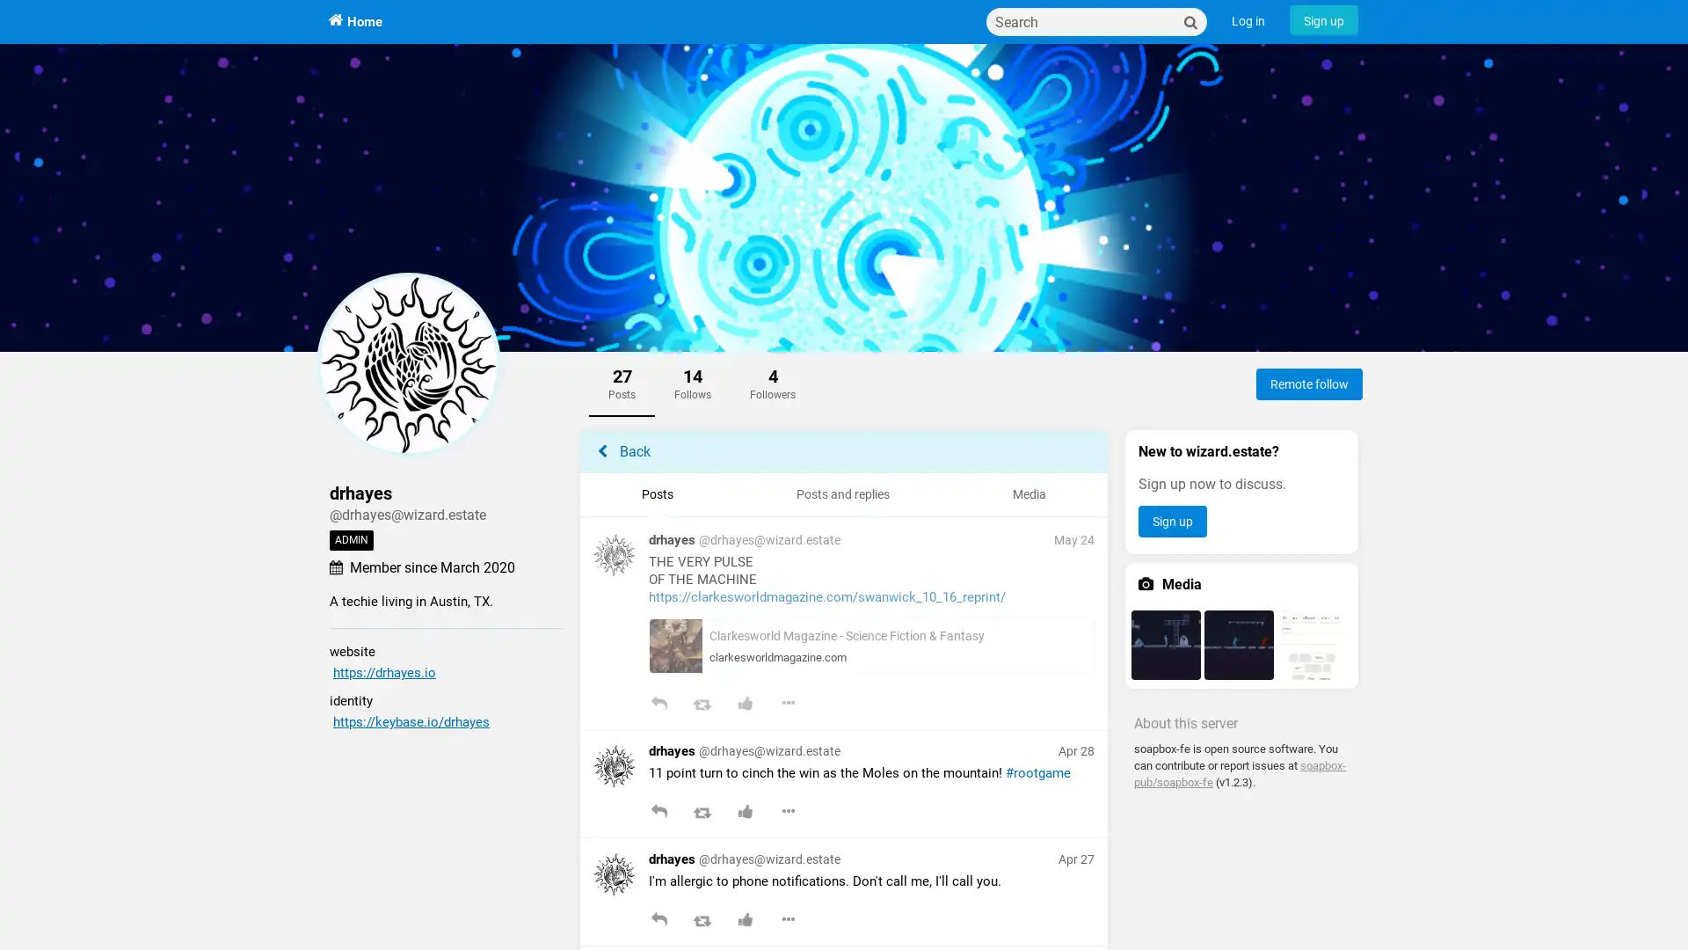  What do you see at coordinates (1309, 383) in the screenshot?
I see `Remote follow` at bounding box center [1309, 383].